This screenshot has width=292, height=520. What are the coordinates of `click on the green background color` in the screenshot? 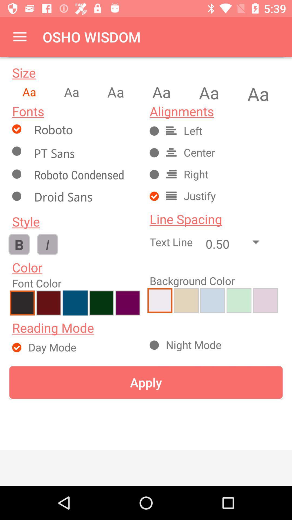 It's located at (238, 300).